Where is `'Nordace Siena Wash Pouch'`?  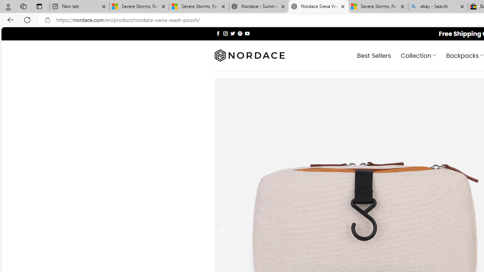 'Nordace Siena Wash Pouch' is located at coordinates (318, 6).